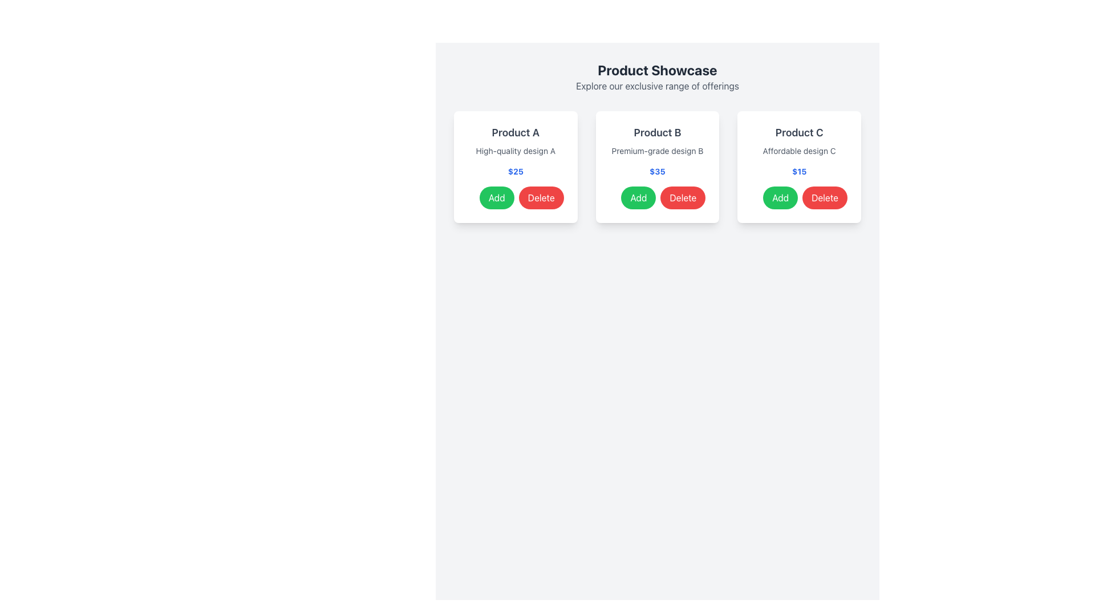  I want to click on the delete button located within the card under the header 'Product B', which is the second button aligned horizontally at the bottom of the card, so click(683, 197).